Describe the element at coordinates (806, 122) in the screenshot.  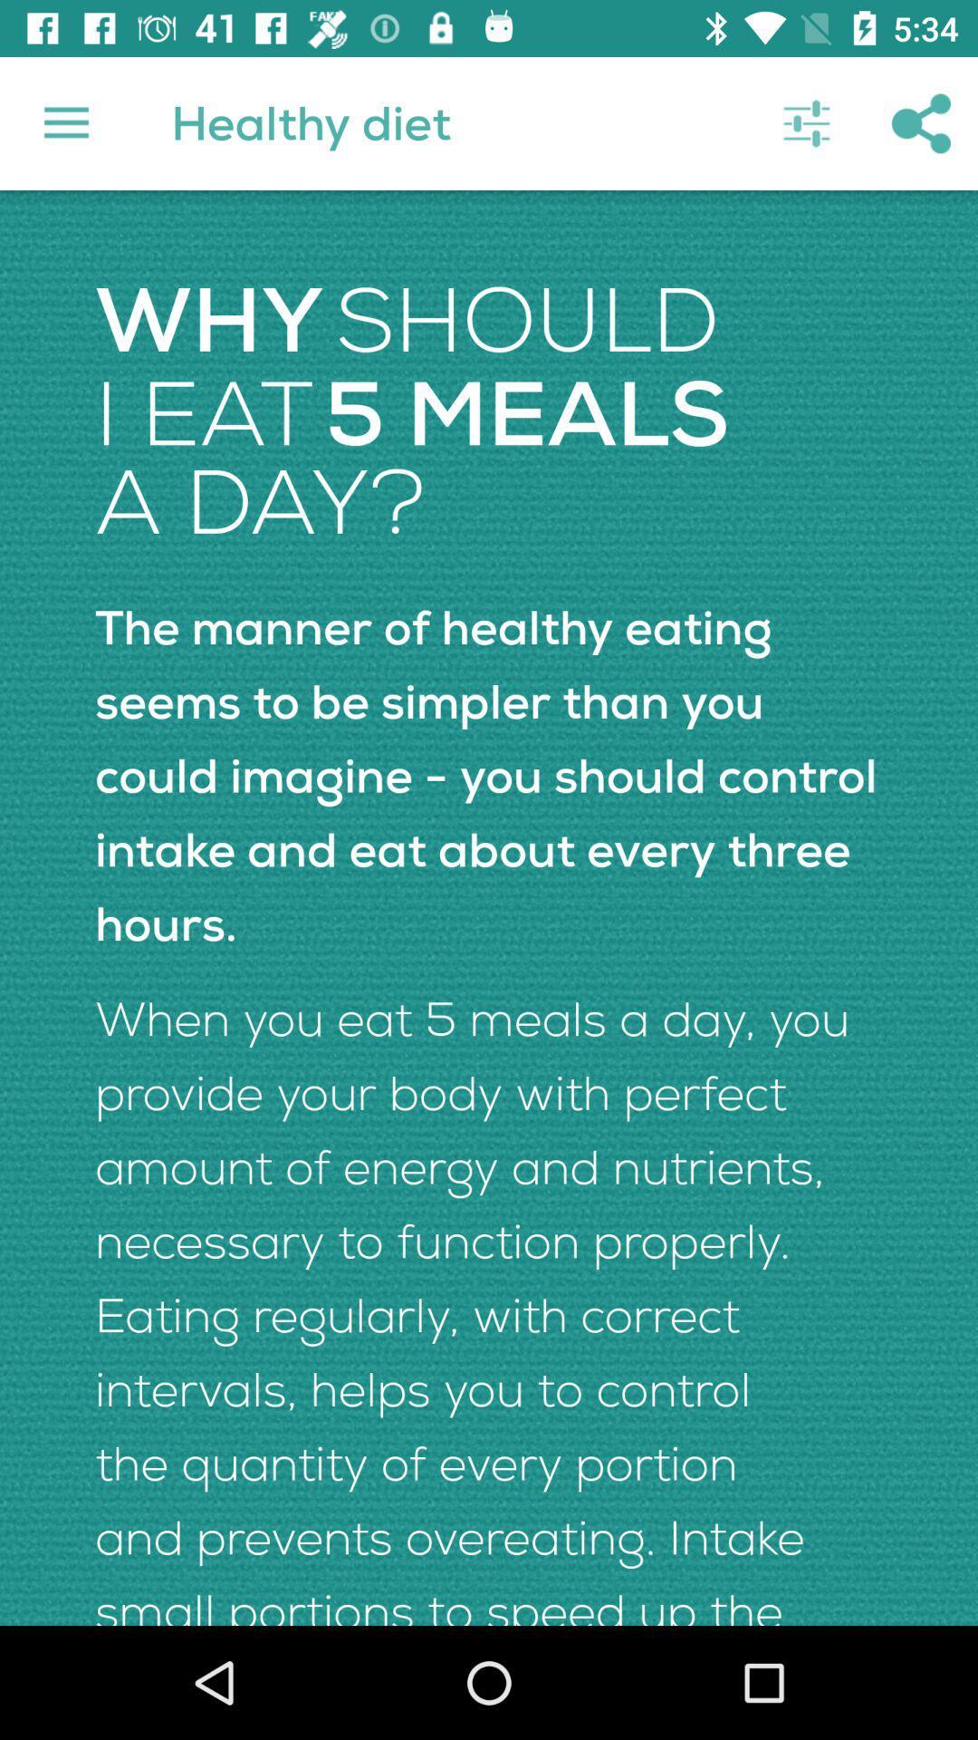
I see `icon to the right of the healthy diet item` at that location.